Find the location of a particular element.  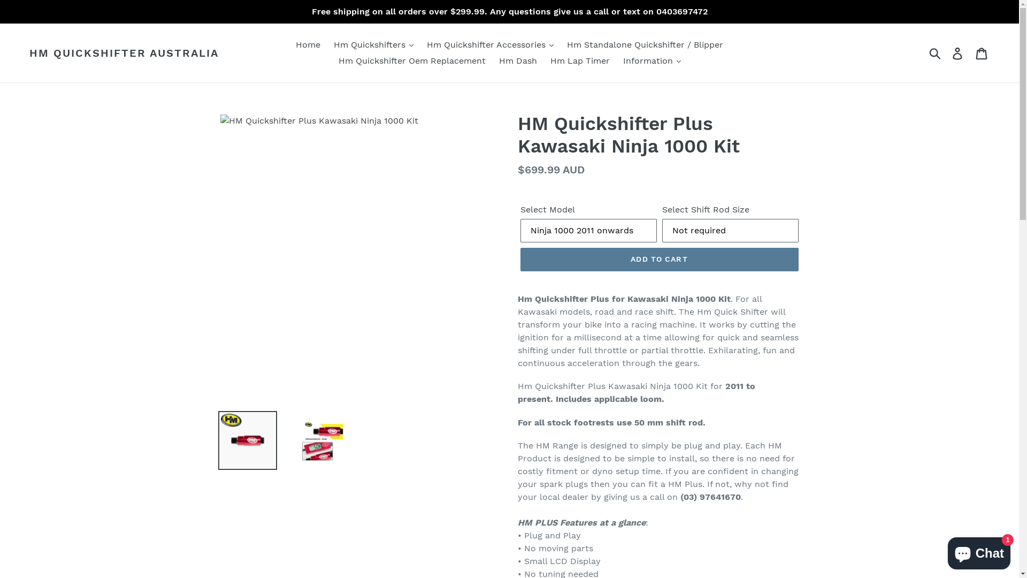

'HM QUICKSHIFTER AUSTRALIA' is located at coordinates (124, 53).